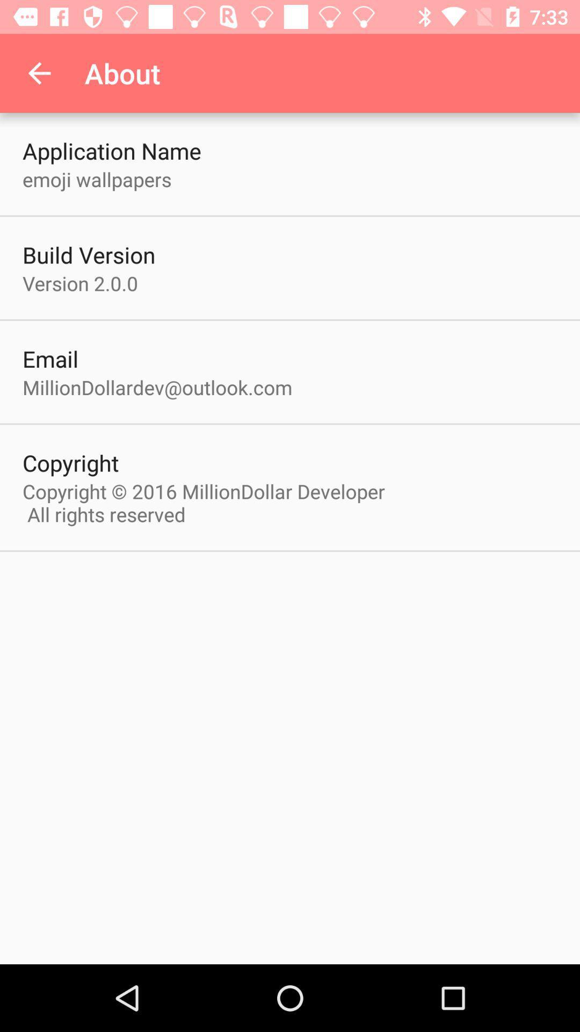  I want to click on build version, so click(88, 254).